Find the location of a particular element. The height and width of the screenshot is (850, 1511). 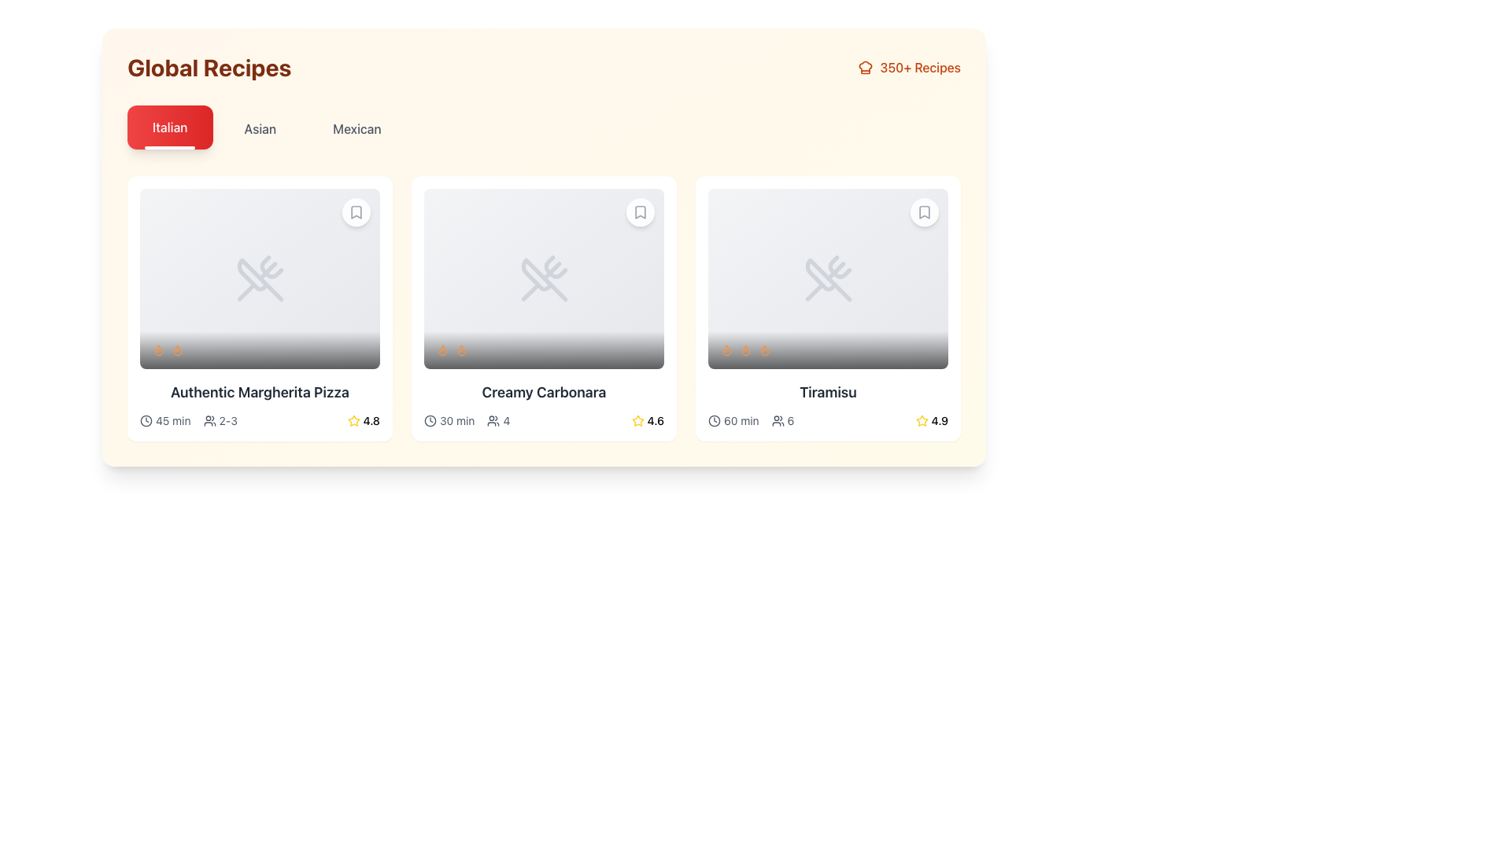

the 'Asian' text label button, which is a rounded rectangle with gray text is located at coordinates (260, 128).